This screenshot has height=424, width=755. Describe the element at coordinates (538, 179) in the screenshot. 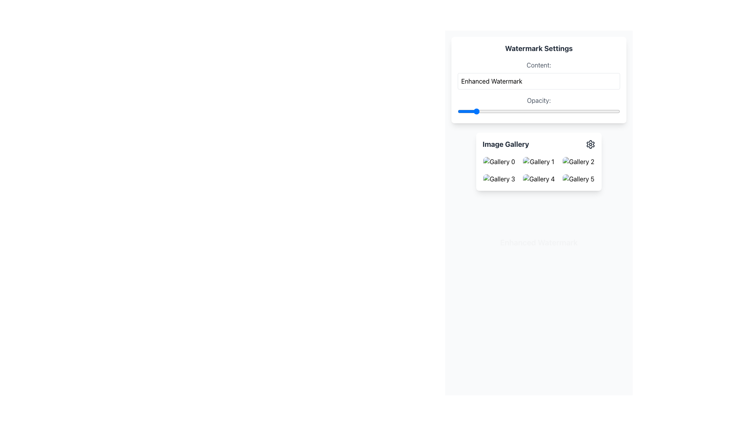

I see `the image slot located in the second position of the third row in the 'Image Gallery' section, which is part of the layout underneath the 'Watermark Settings' panel` at that location.